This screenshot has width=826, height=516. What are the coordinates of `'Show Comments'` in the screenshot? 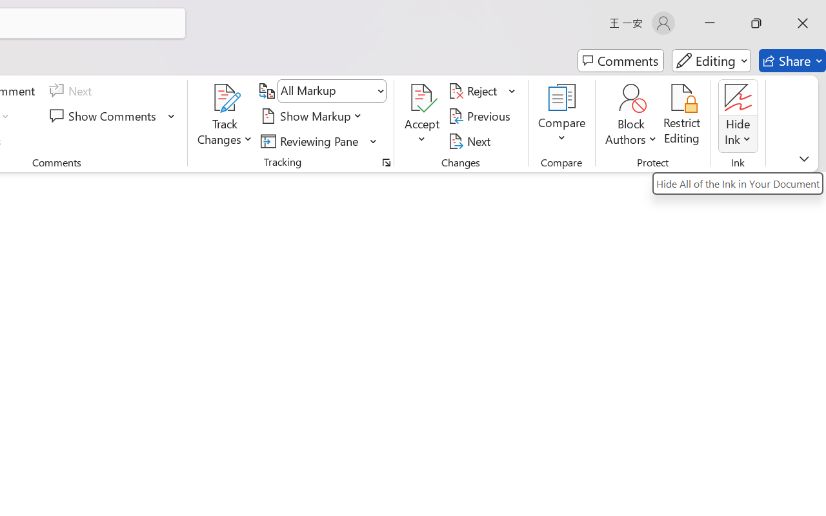 It's located at (105, 115).